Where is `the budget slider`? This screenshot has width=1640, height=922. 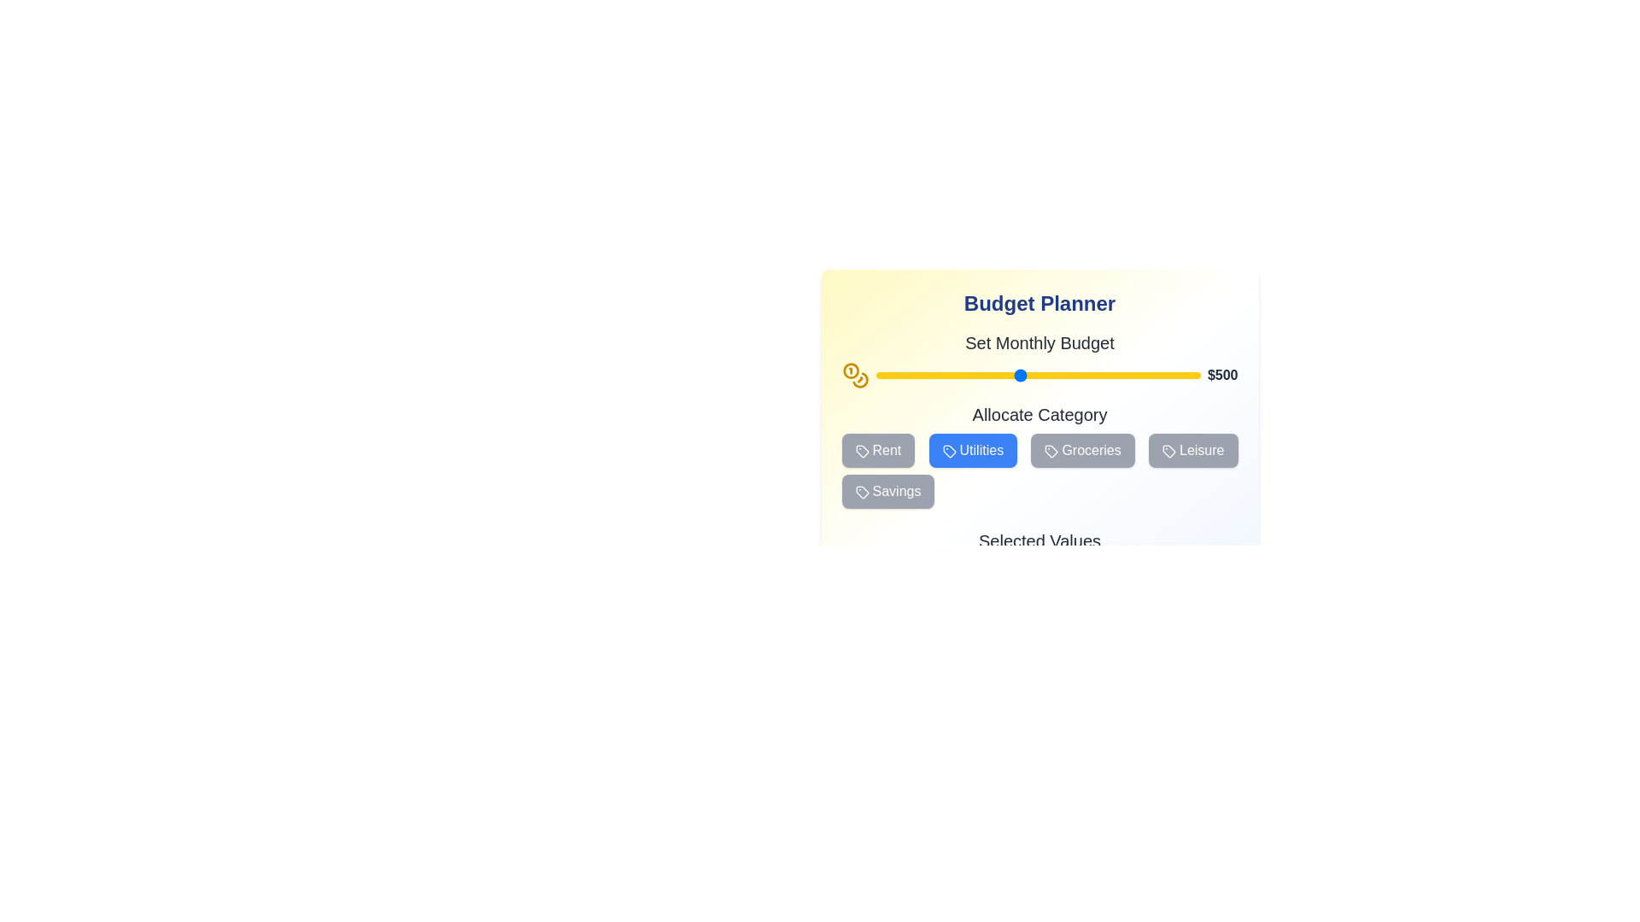
the budget slider is located at coordinates (977, 374).